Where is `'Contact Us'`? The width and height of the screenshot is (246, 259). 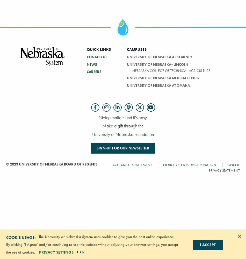 'Contact Us' is located at coordinates (97, 56).